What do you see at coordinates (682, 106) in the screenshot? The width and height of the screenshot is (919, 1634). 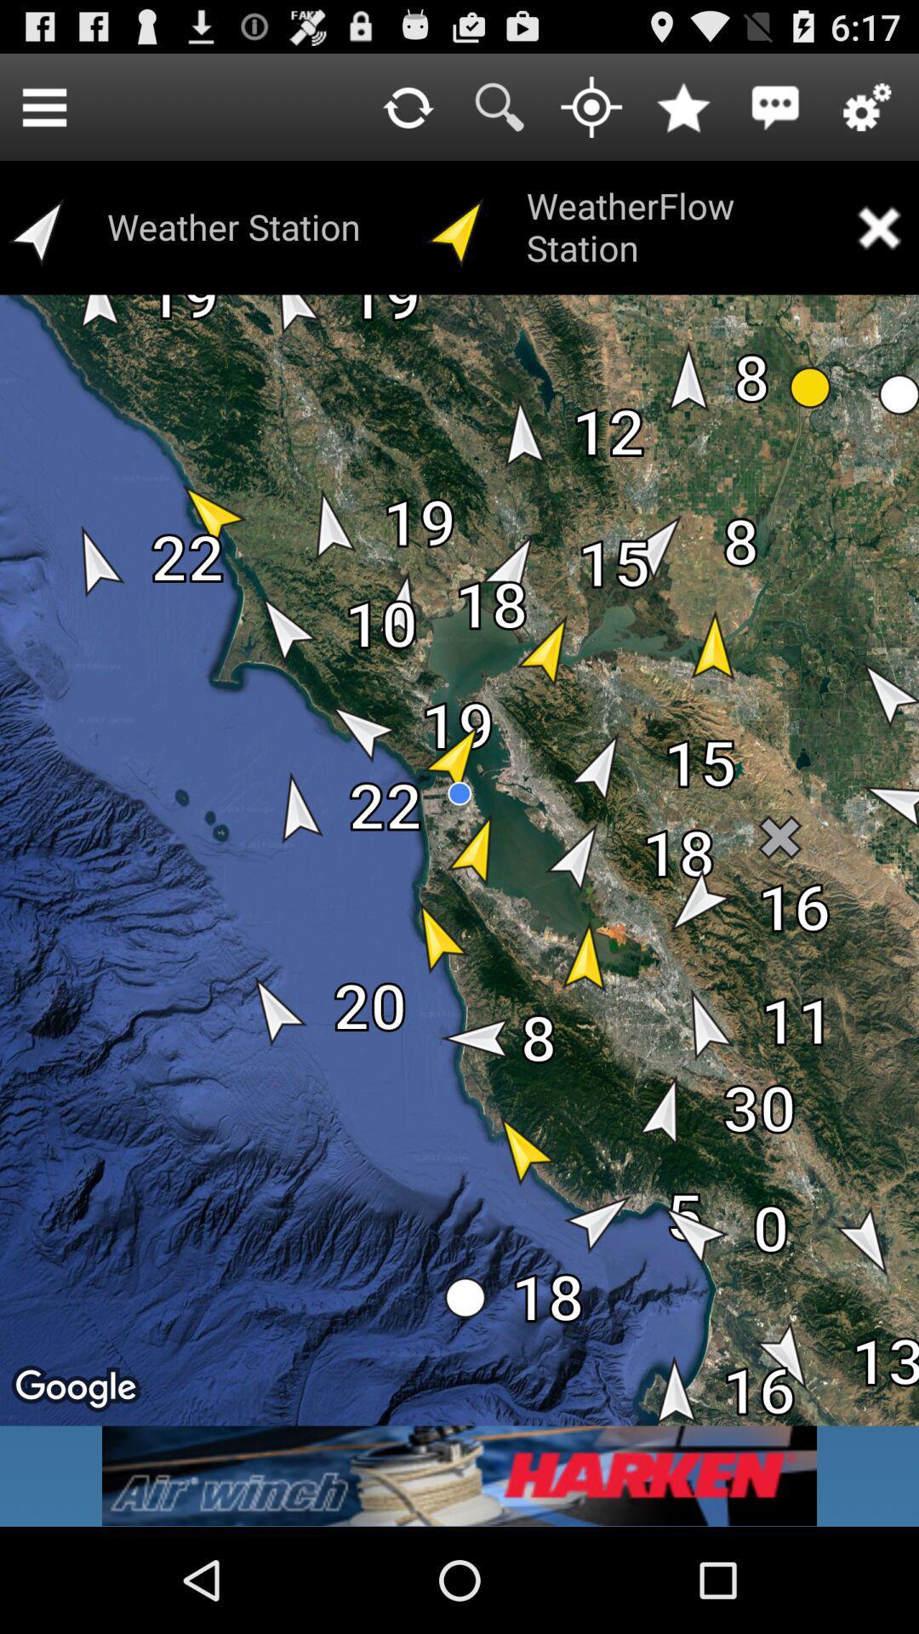 I see `to favourite` at bounding box center [682, 106].